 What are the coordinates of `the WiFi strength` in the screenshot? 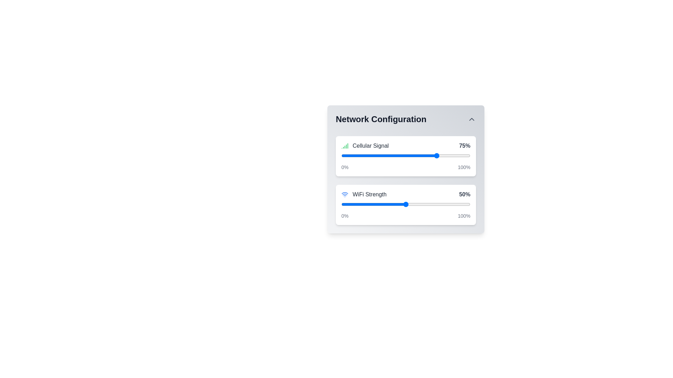 It's located at (387, 204).